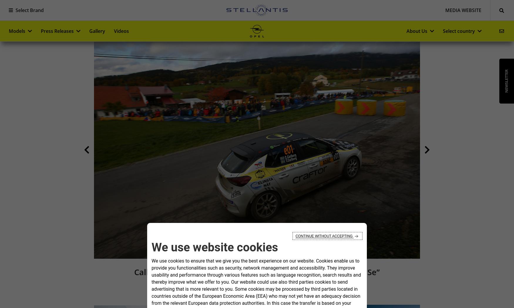 This screenshot has height=308, width=514. Describe the element at coordinates (257, 272) in the screenshot. I see `'Calle Carlberg Wins 2023 ADAC Opel Rally Cup “powered by GSe”'` at that location.